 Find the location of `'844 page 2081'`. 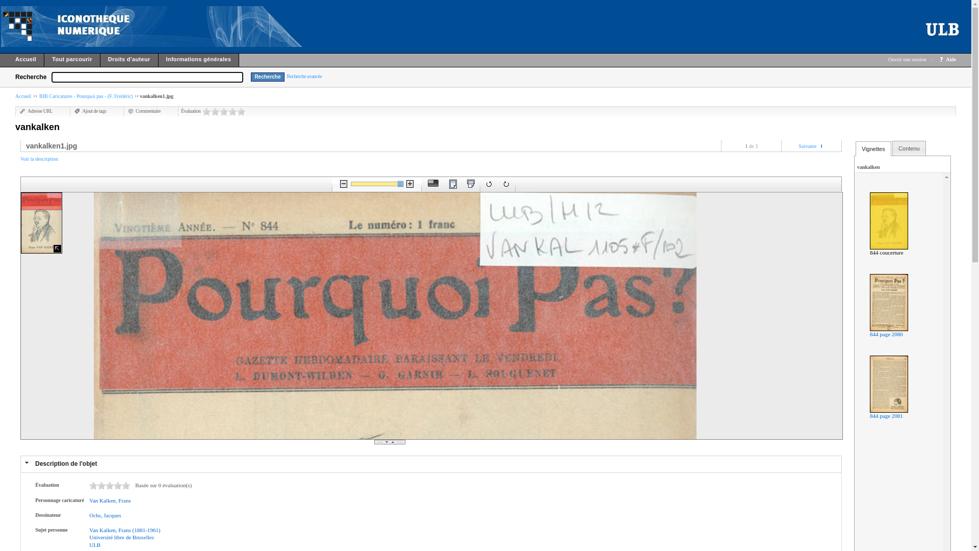

'844 page 2081' is located at coordinates (886, 415).